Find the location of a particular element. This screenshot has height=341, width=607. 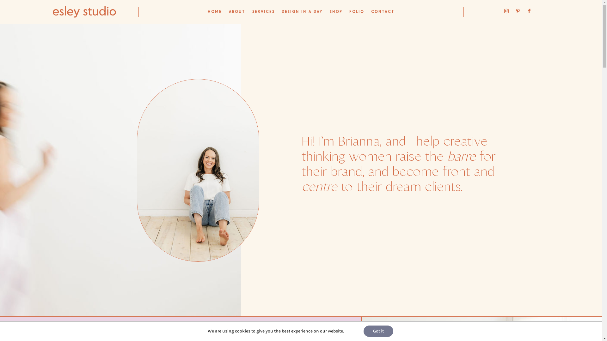

'DESIGN IN A DAY' is located at coordinates (302, 13).